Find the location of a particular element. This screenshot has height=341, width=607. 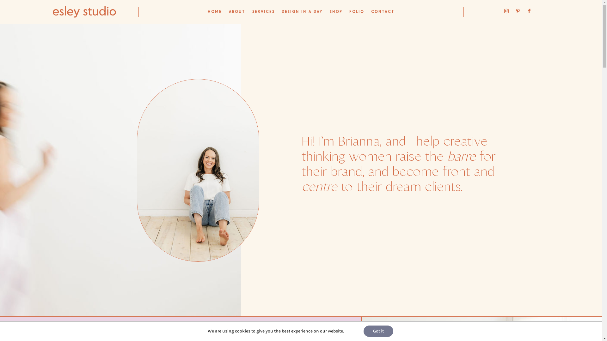

'DESIGN IN A DAY' is located at coordinates (302, 13).